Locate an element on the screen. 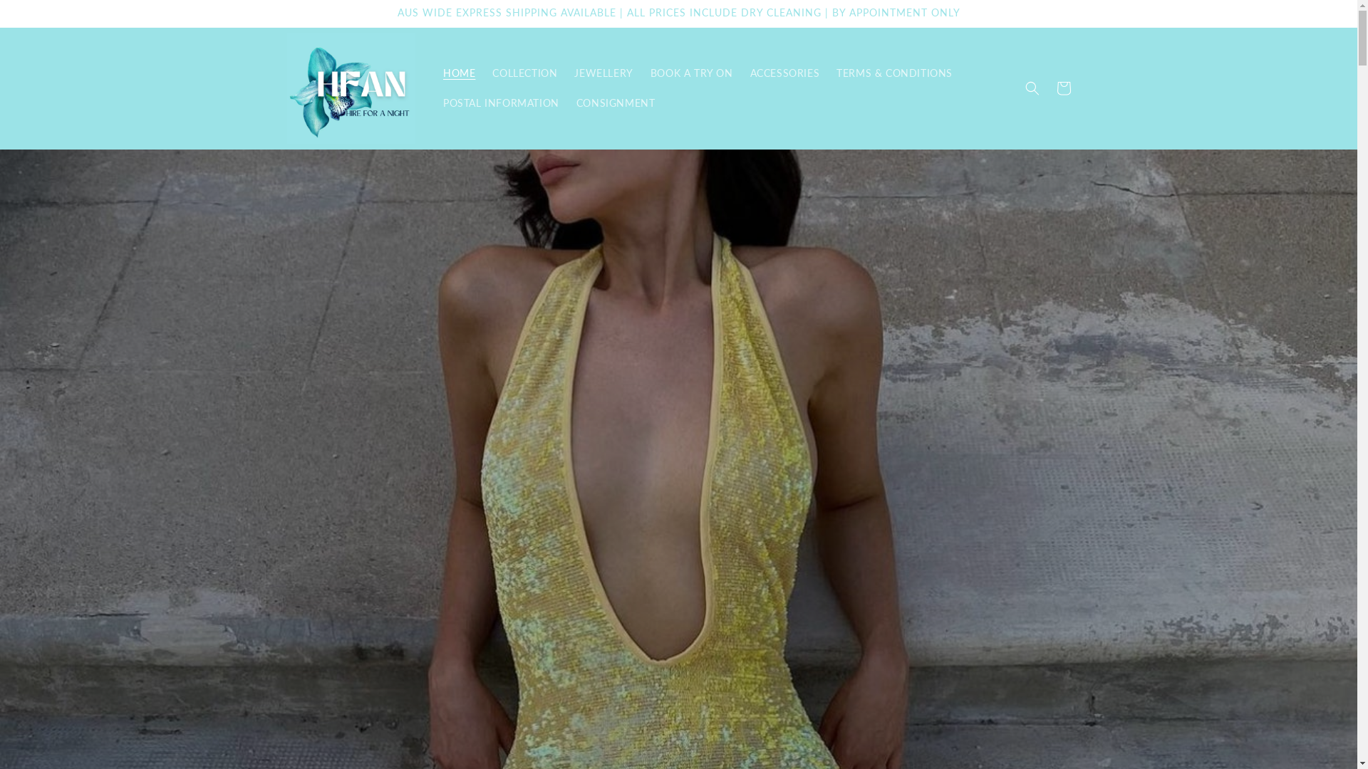  'CONSIGNMENT' is located at coordinates (616, 103).